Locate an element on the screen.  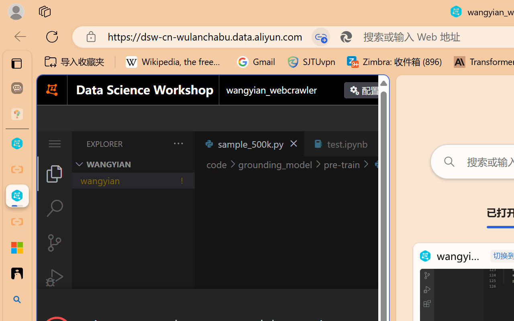
'Explorer actions' is located at coordinates (157, 144).